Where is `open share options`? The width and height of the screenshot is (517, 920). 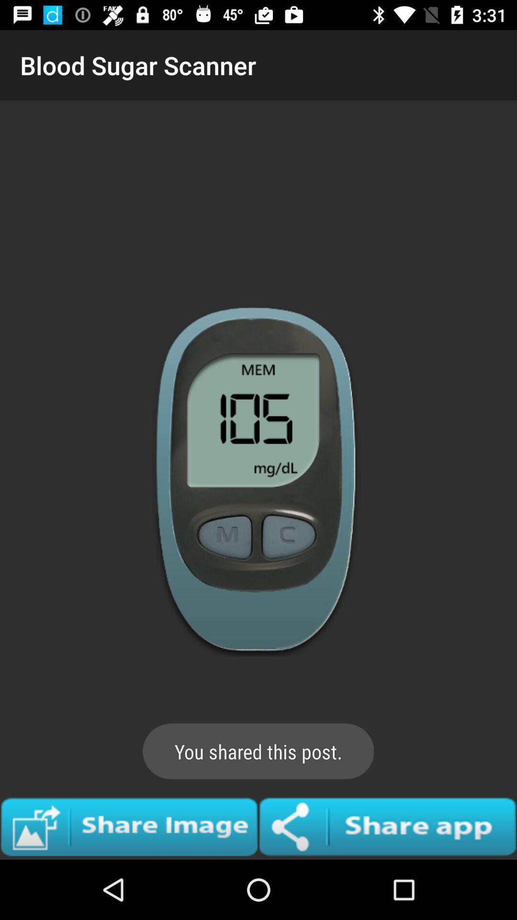
open share options is located at coordinates (388, 826).